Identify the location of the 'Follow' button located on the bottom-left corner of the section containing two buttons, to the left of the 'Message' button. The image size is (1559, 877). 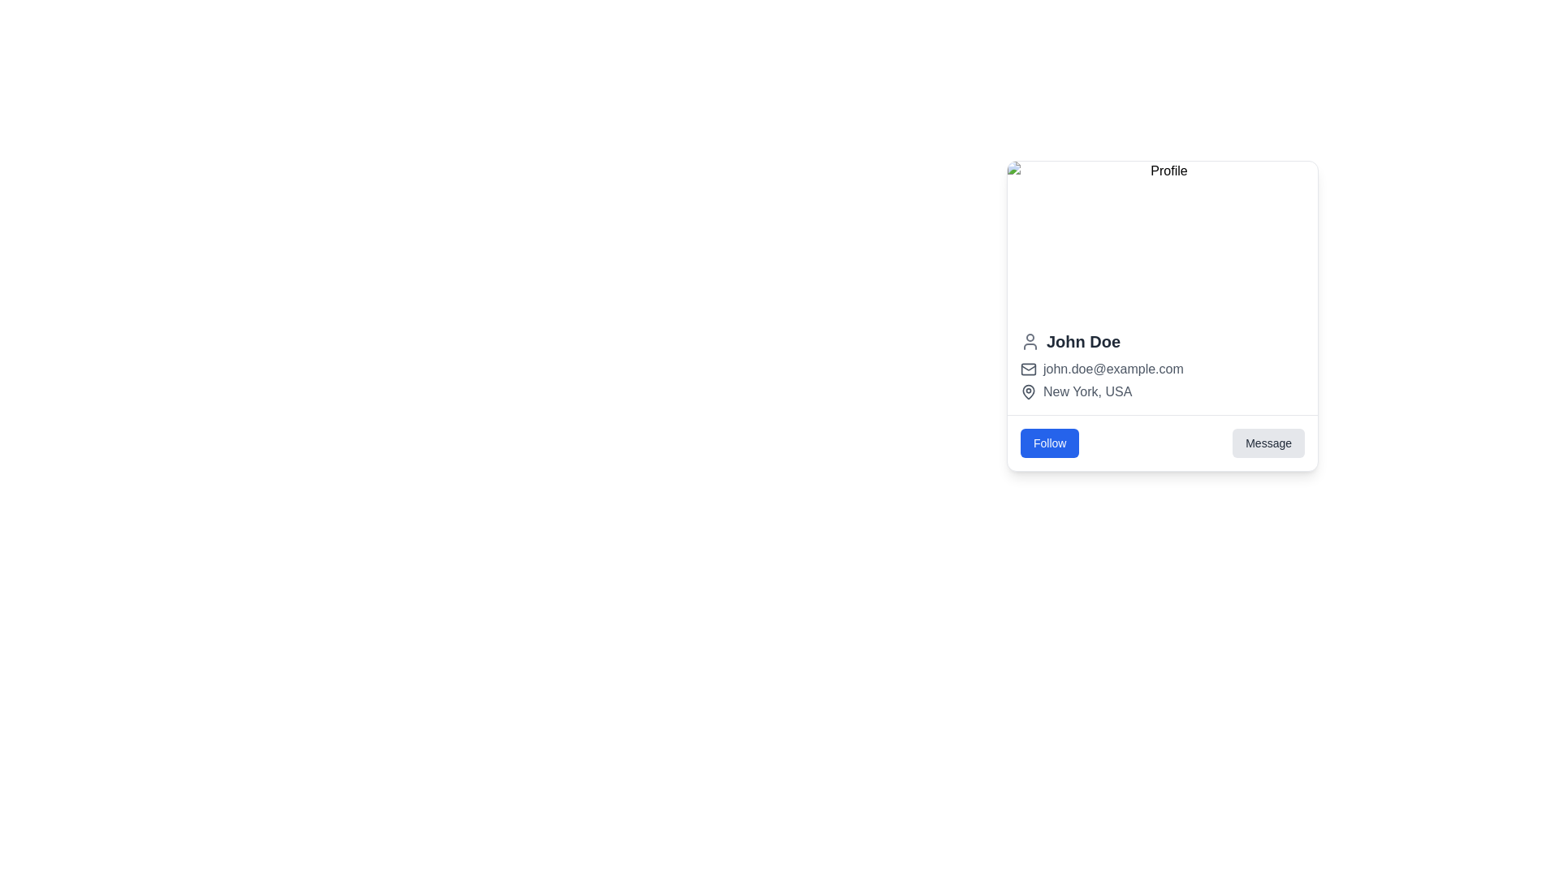
(1050, 443).